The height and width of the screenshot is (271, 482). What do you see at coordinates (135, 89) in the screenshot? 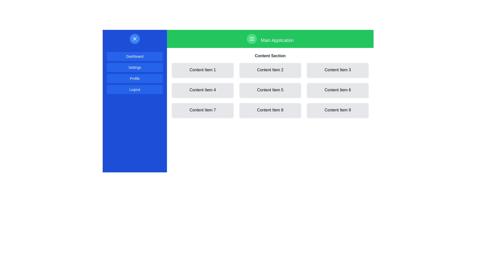
I see `the 'Logout' button, which is a rectangular button with rounded edges, blue background, and white text, positioned beneath the 'Profile' button in a vertical list` at bounding box center [135, 89].